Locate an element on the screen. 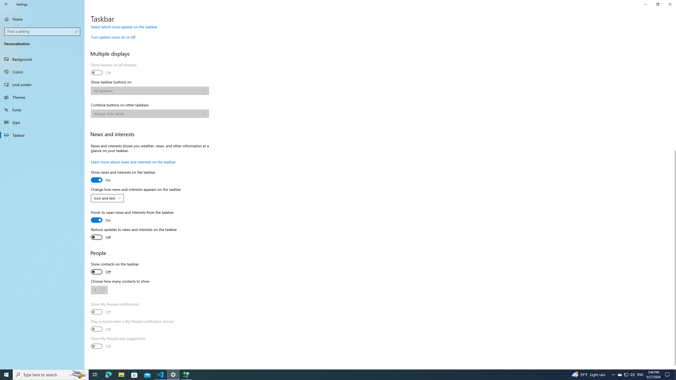 The width and height of the screenshot is (676, 380). 'Show news and interests on the taskbar' is located at coordinates (123, 177).